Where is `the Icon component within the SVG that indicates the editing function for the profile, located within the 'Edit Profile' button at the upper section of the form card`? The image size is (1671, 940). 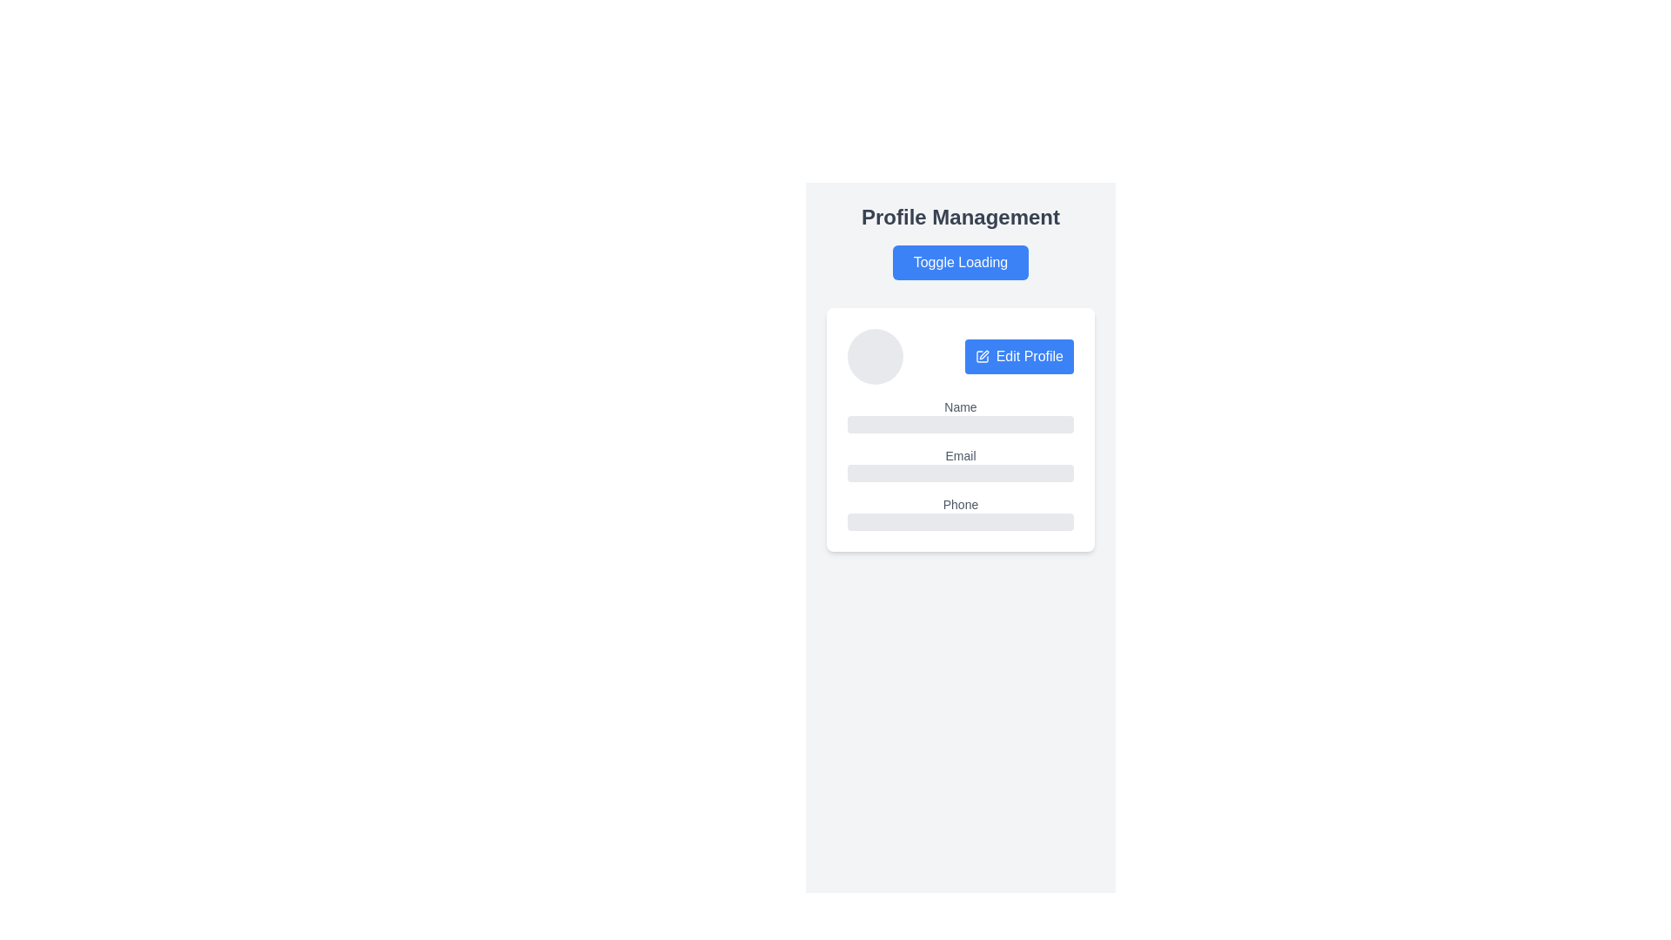 the Icon component within the SVG that indicates the editing function for the profile, located within the 'Edit Profile' button at the upper section of the form card is located at coordinates (983, 354).